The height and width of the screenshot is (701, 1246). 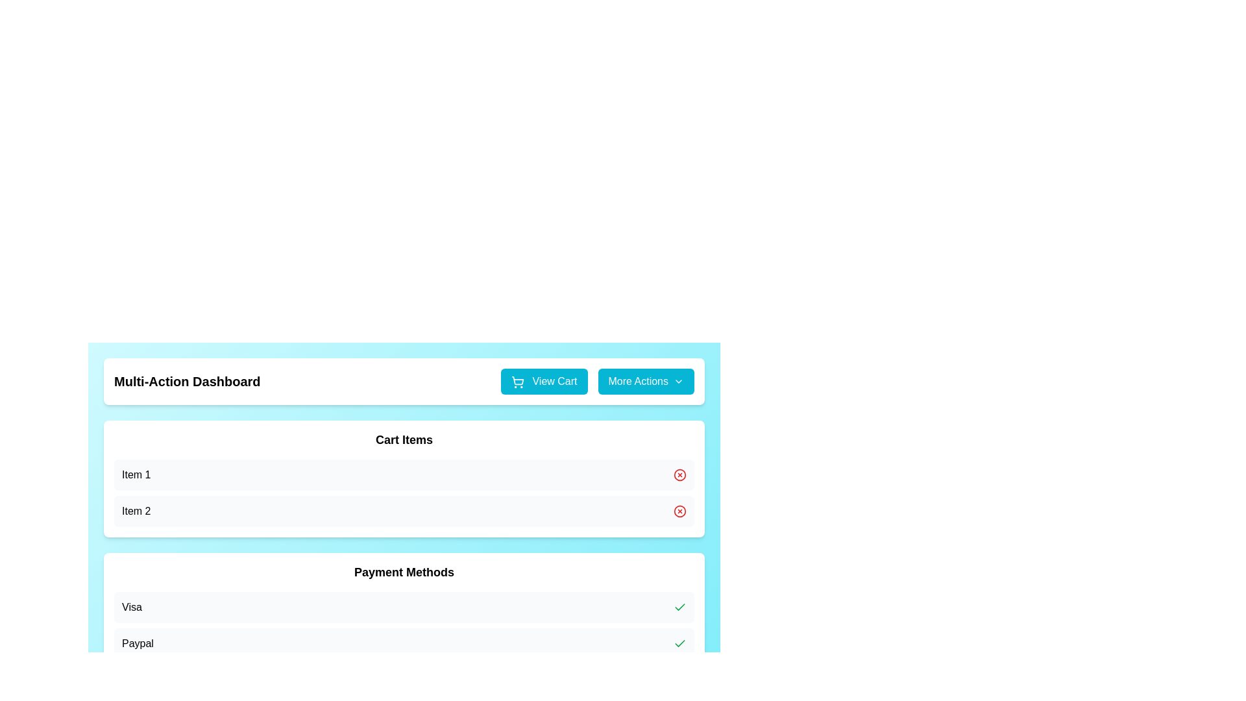 What do you see at coordinates (404, 643) in the screenshot?
I see `the 'Paypal' button-like element` at bounding box center [404, 643].